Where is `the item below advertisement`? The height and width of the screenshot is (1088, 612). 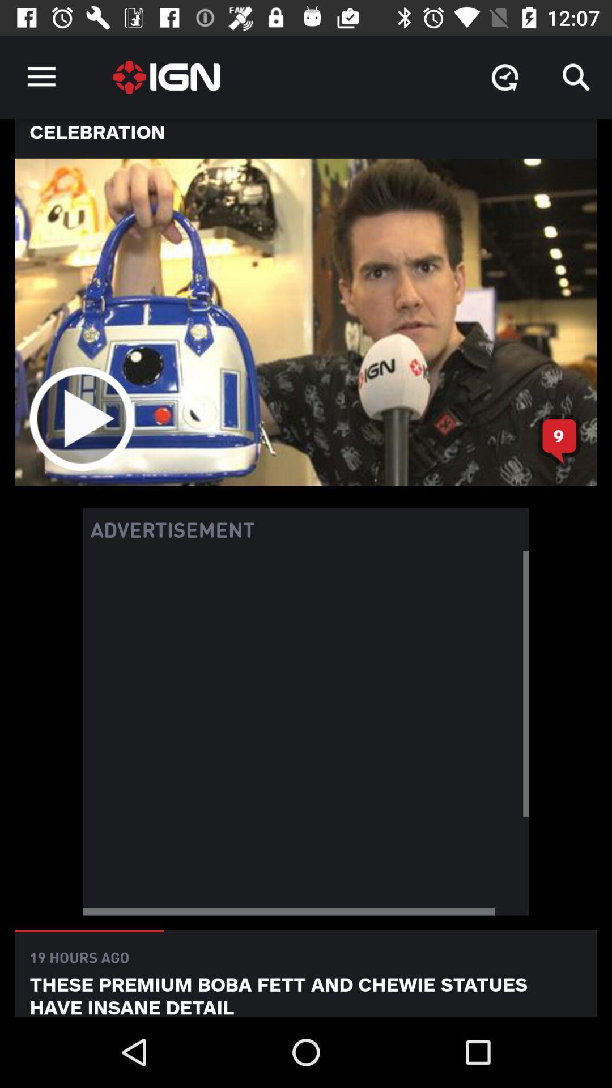
the item below advertisement is located at coordinates (306, 733).